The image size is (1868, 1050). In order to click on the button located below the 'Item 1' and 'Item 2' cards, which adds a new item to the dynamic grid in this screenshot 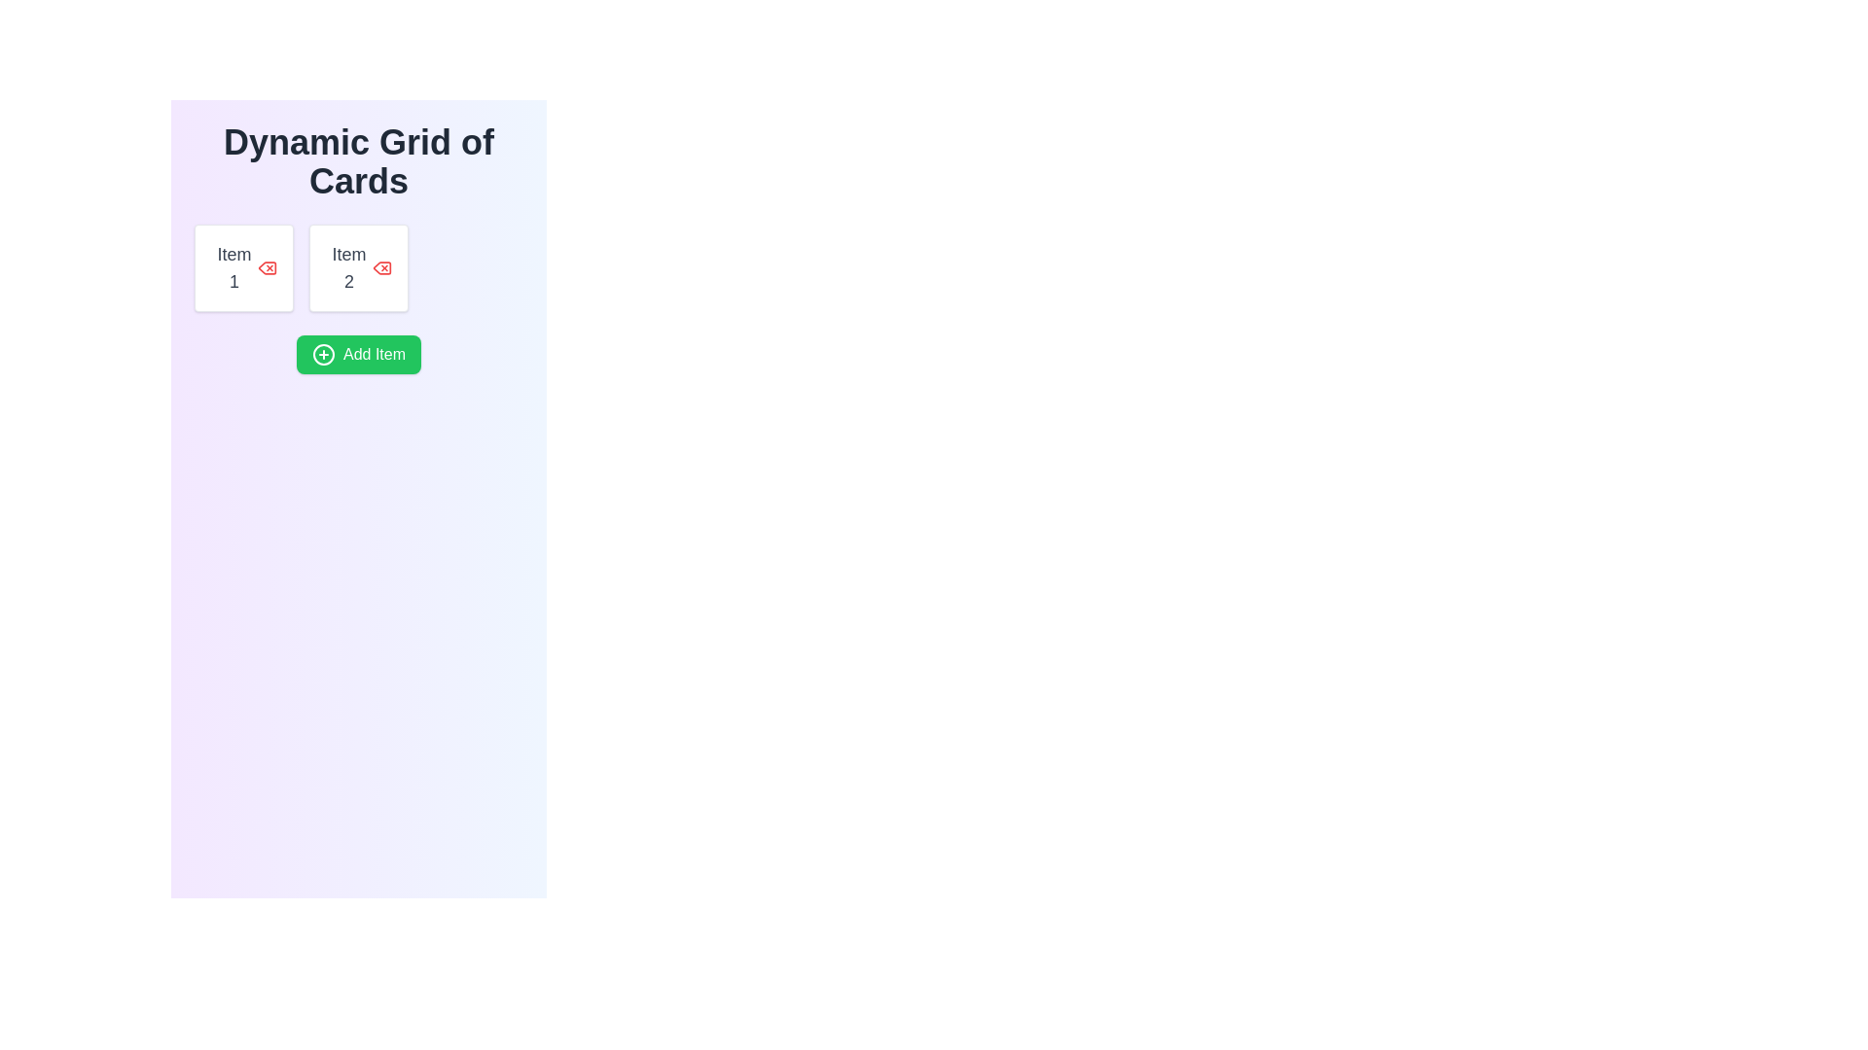, I will do `click(359, 355)`.